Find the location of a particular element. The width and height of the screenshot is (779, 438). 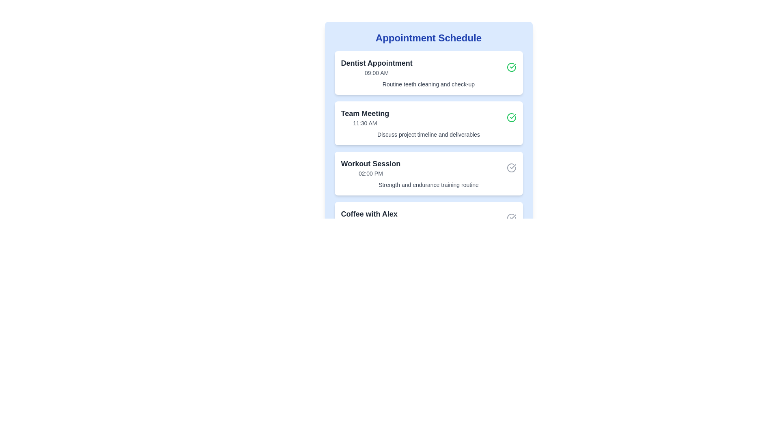

the text label displaying 'Routine teeth cleaning and check-up', which is located under the '09:00 AM' time and 'Dentist Appointment' heading in the appointment list is located at coordinates (428, 84).